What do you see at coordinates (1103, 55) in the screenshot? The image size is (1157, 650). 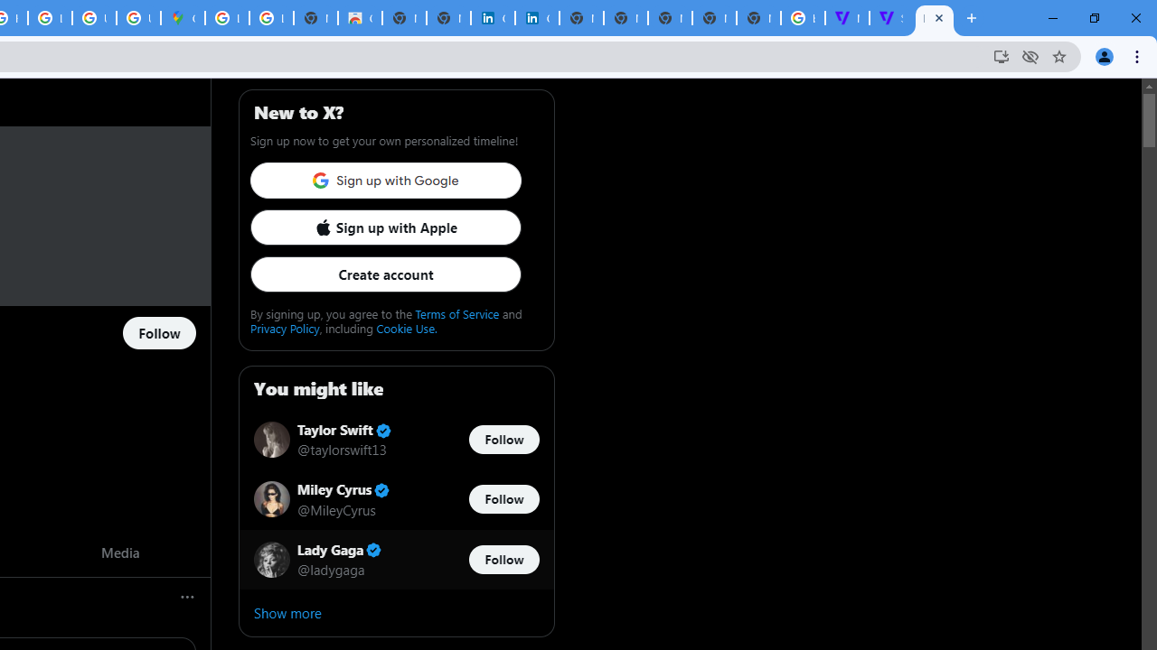 I see `'You'` at bounding box center [1103, 55].